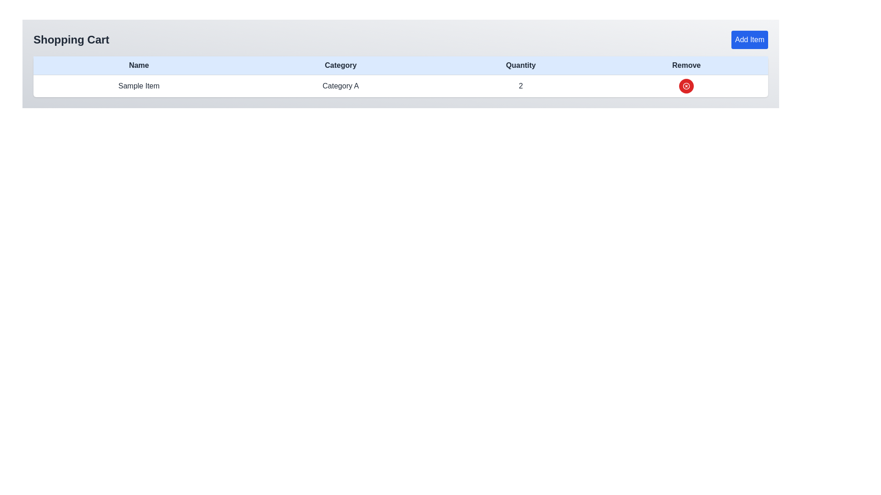 The image size is (881, 495). What do you see at coordinates (521, 86) in the screenshot?
I see `the numeric value displayed in the 'Quantity' column of the shopping cart interface, which is the third item in its row, centered within its rectangular cell` at bounding box center [521, 86].